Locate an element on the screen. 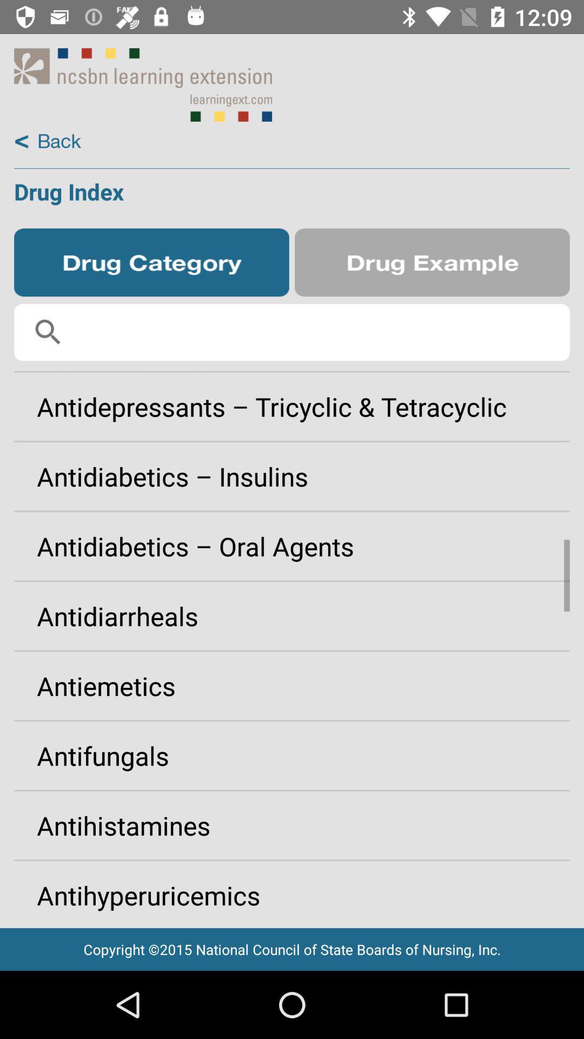 This screenshot has height=1039, width=584. choose drug category is located at coordinates (151, 262).